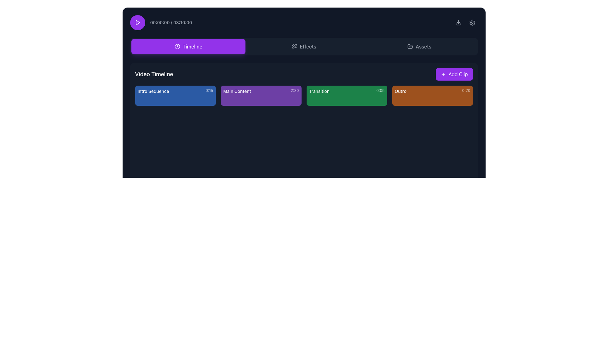 The height and width of the screenshot is (340, 605). Describe the element at coordinates (458, 22) in the screenshot. I see `the download icon button, which resembles a downward arrow pointing into a square, located at the top-right corner of the interface to initiate a download` at that location.